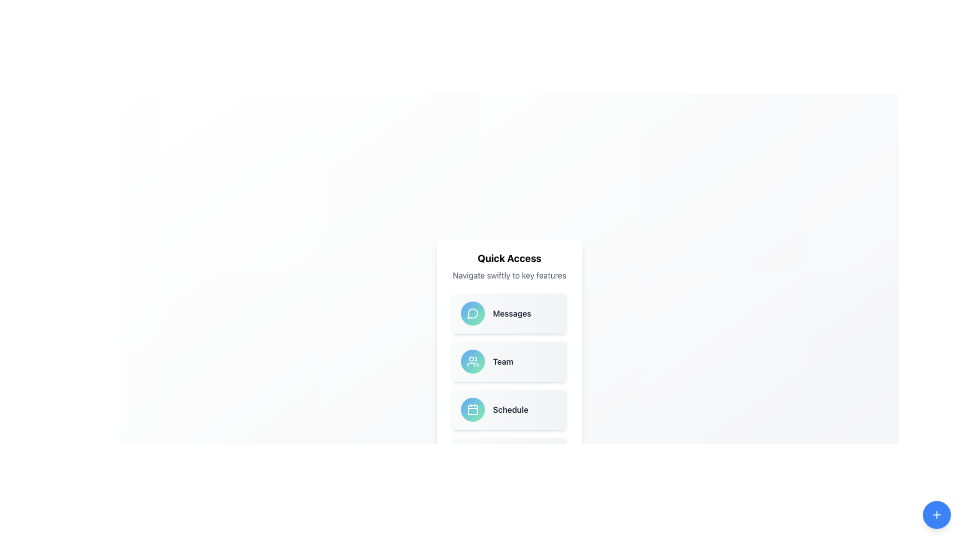  Describe the element at coordinates (472, 313) in the screenshot. I see `the Messages icon element, which features a circular outline and a speech bubble shape, located in the Quick Access section` at that location.